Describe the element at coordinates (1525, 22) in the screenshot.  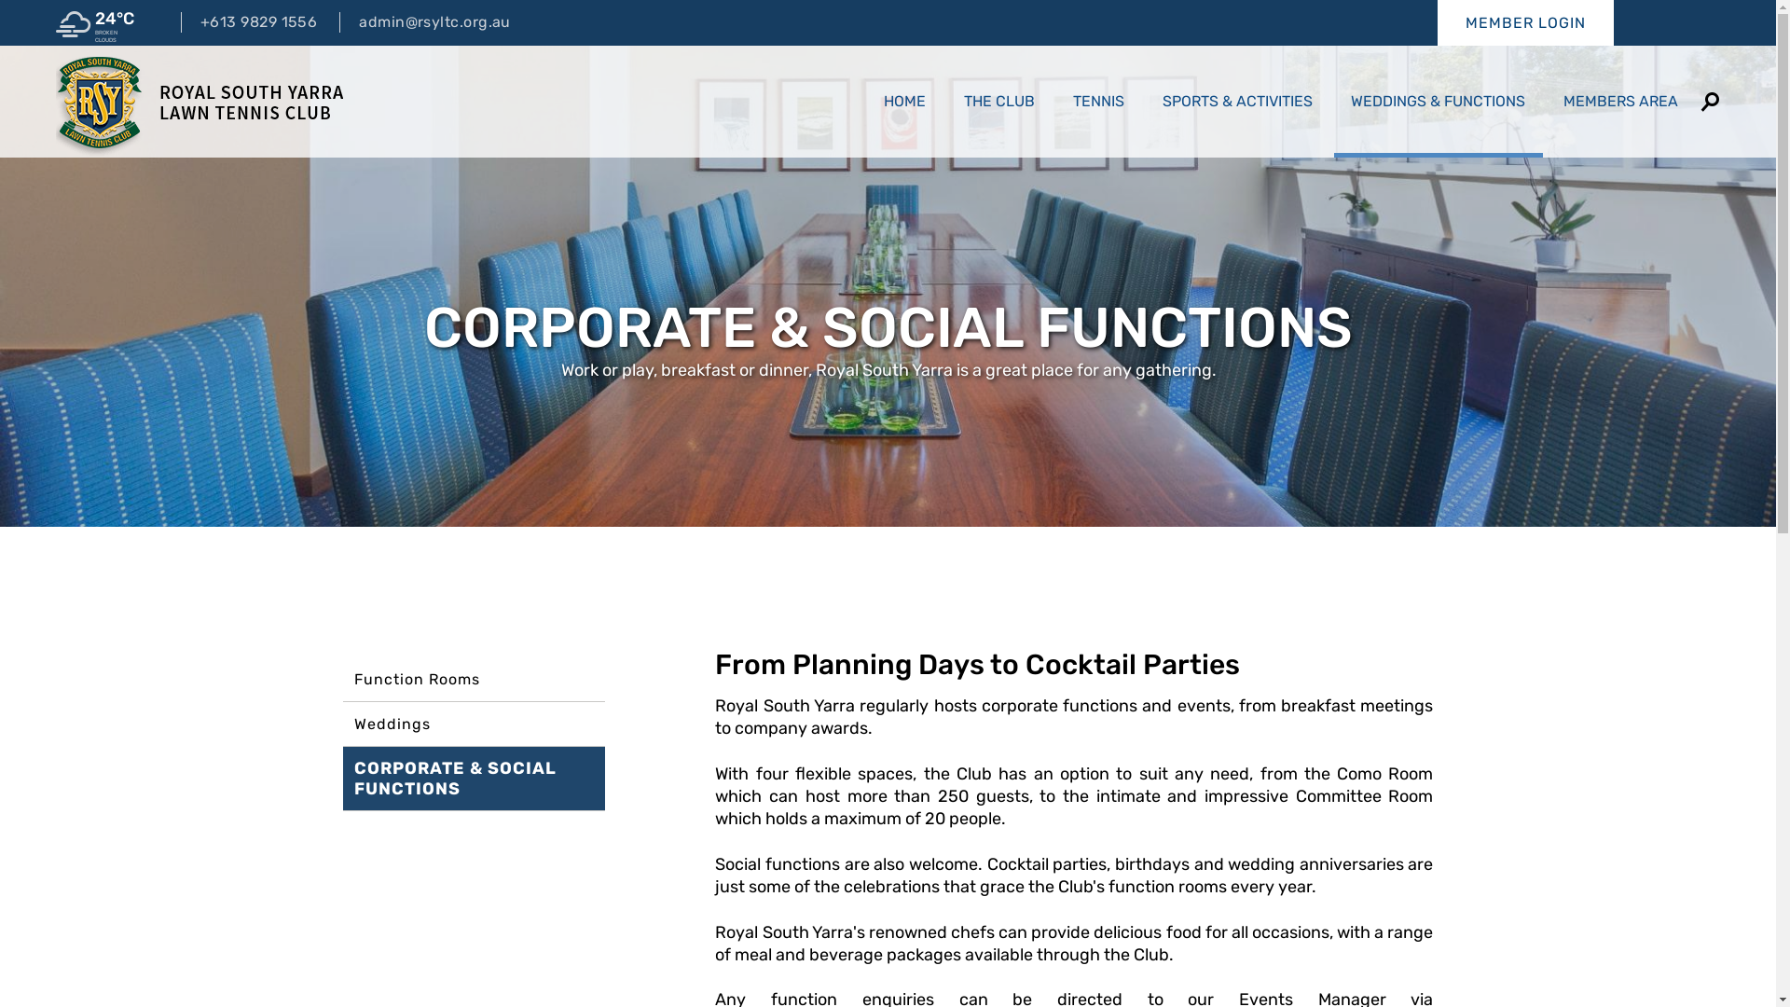
I see `'MEMBER LOGIN'` at that location.